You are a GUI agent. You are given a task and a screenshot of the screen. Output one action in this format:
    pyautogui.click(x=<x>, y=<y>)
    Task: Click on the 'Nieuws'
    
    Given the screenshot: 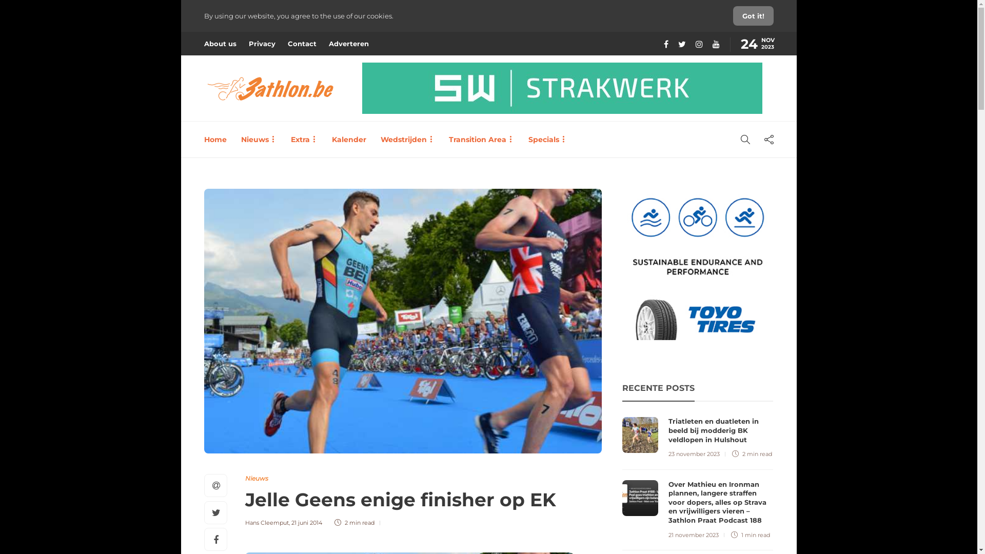 What is the action you would take?
    pyautogui.click(x=257, y=478)
    